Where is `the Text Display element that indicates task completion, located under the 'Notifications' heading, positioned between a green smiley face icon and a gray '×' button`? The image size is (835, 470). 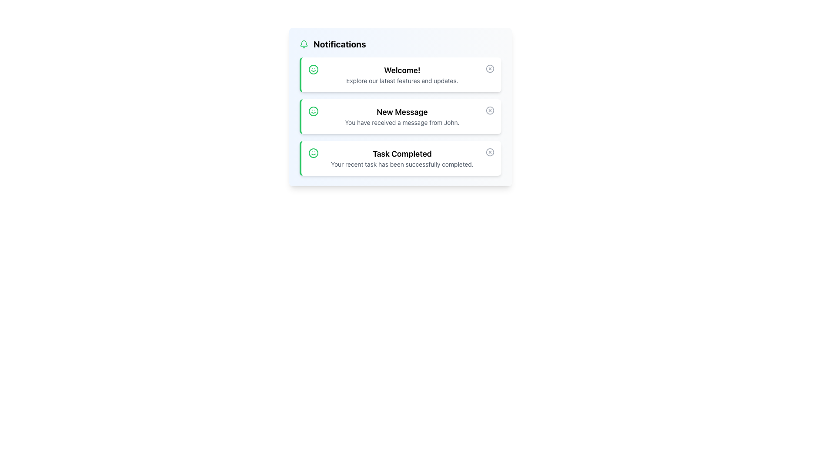
the Text Display element that indicates task completion, located under the 'Notifications' heading, positioned between a green smiley face icon and a gray '×' button is located at coordinates (402, 158).